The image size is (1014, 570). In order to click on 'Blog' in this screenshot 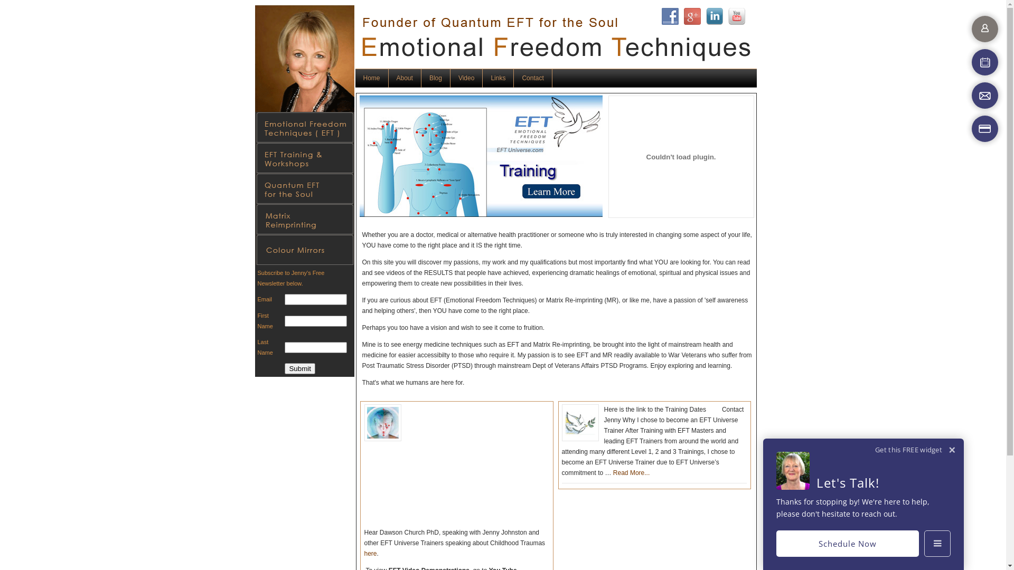, I will do `click(436, 78)`.